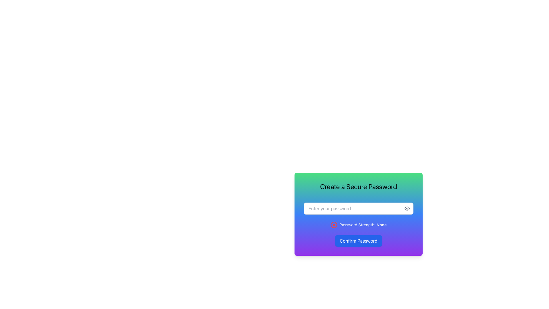  Describe the element at coordinates (358, 241) in the screenshot. I see `the 'Confirm Password' button with a blue background to activate keyboard interaction` at that location.